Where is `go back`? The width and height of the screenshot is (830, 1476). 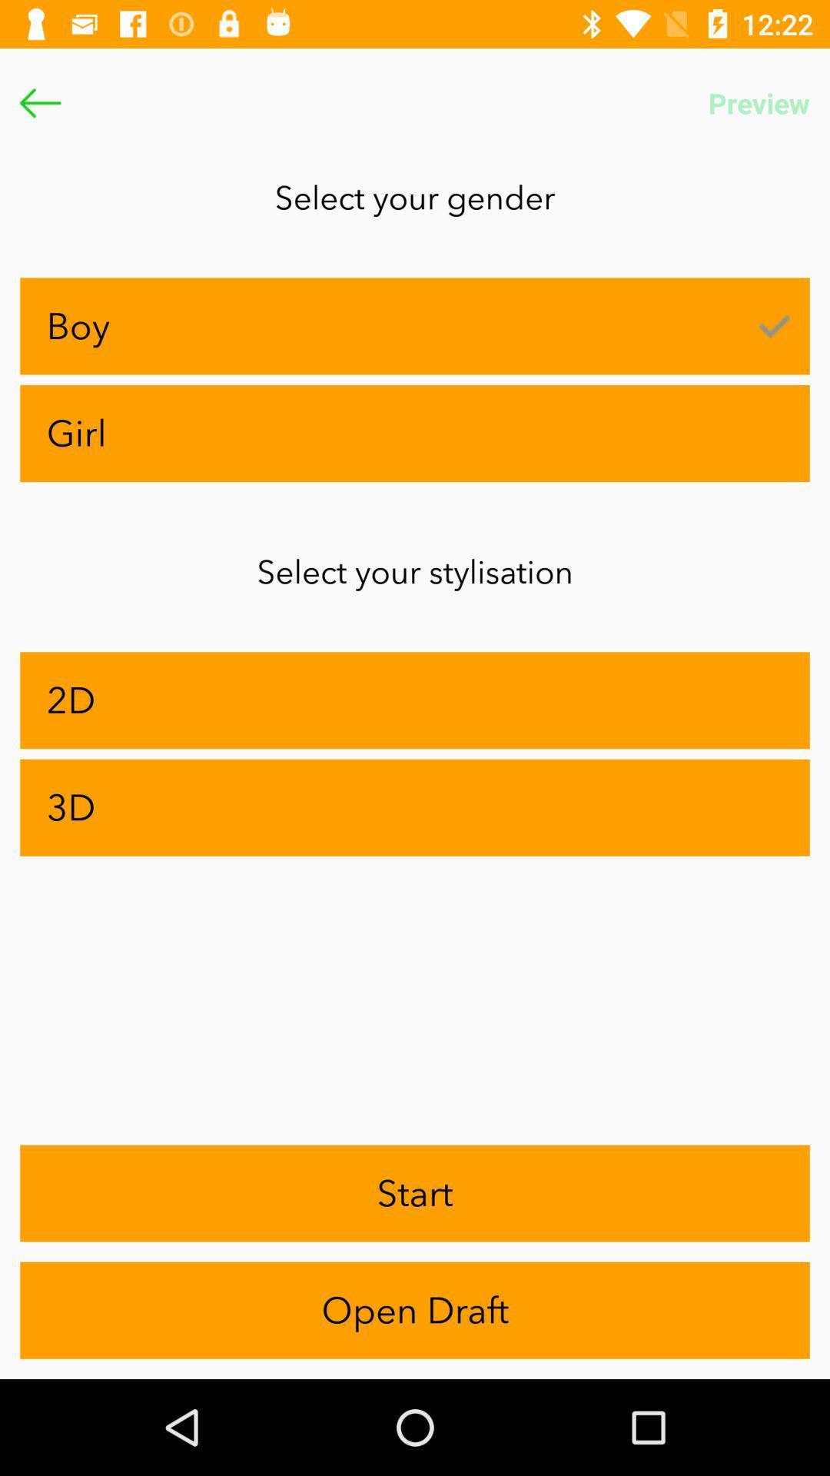 go back is located at coordinates (39, 102).